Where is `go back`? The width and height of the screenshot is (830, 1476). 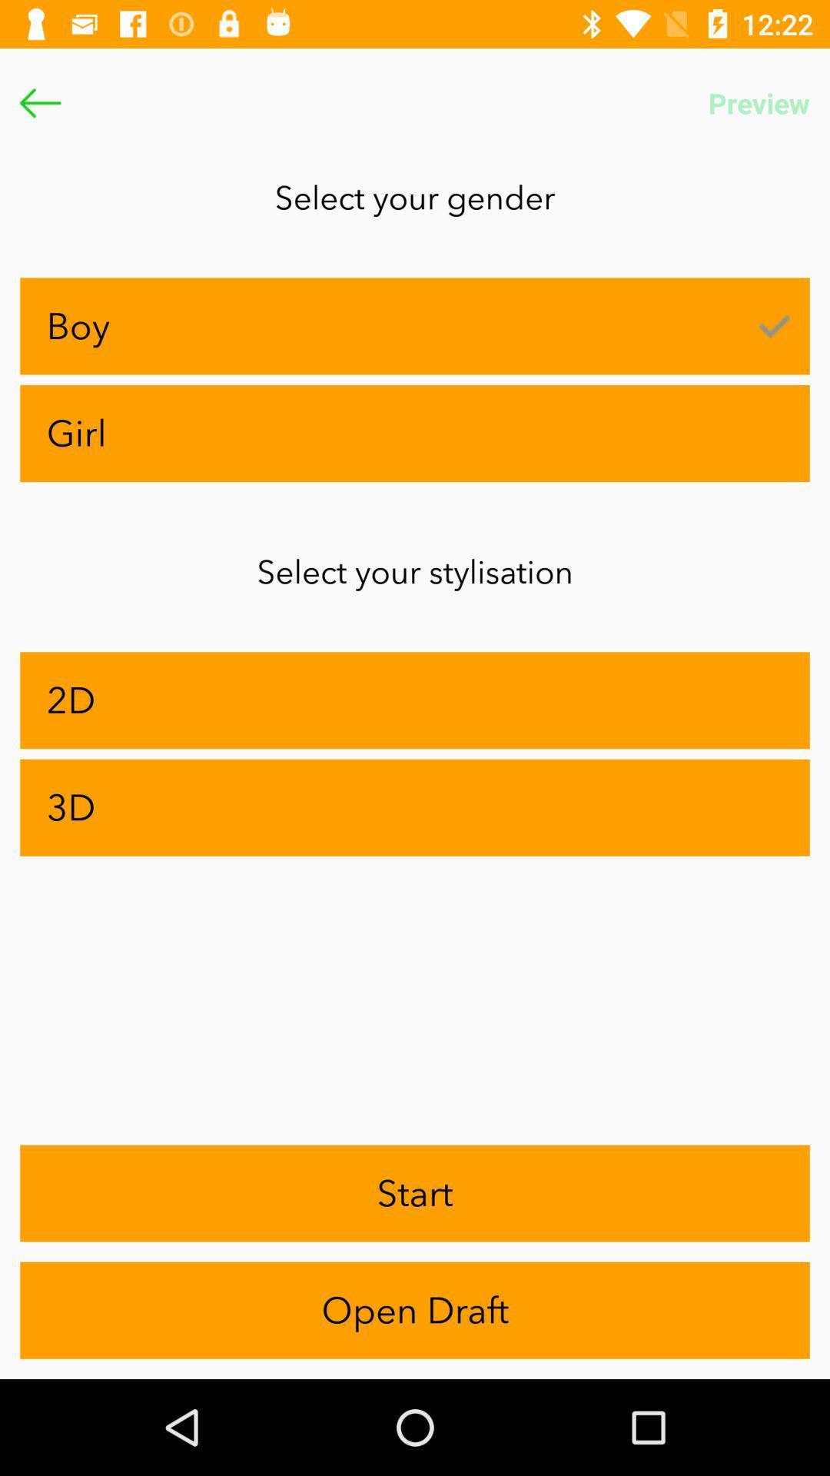 go back is located at coordinates (39, 102).